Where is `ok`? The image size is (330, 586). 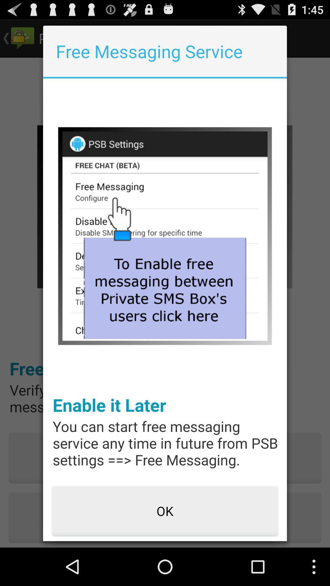 ok is located at coordinates (165, 511).